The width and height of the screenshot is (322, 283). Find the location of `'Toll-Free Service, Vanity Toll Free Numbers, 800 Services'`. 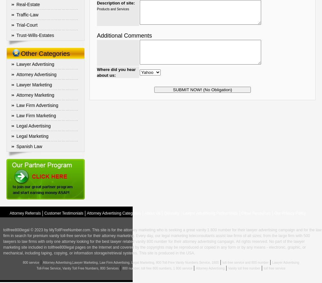

'Toll-Free Service, Vanity Toll Free Numbers, 800 Services' is located at coordinates (36, 268).